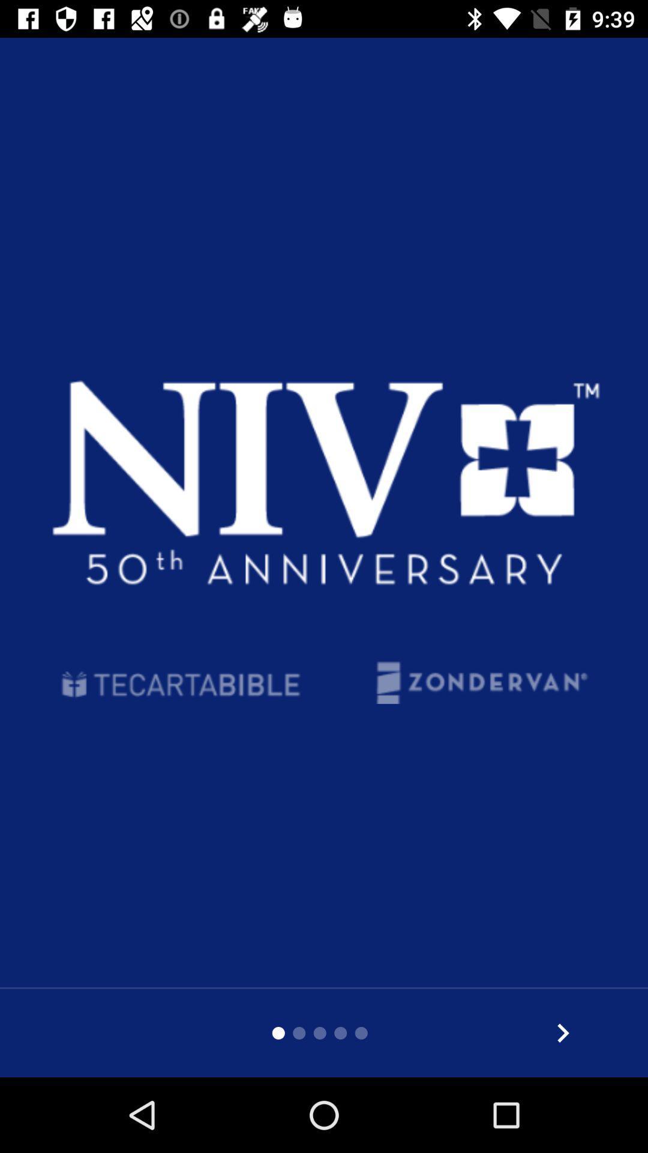 This screenshot has width=648, height=1153. I want to click on turn the page, so click(563, 1032).